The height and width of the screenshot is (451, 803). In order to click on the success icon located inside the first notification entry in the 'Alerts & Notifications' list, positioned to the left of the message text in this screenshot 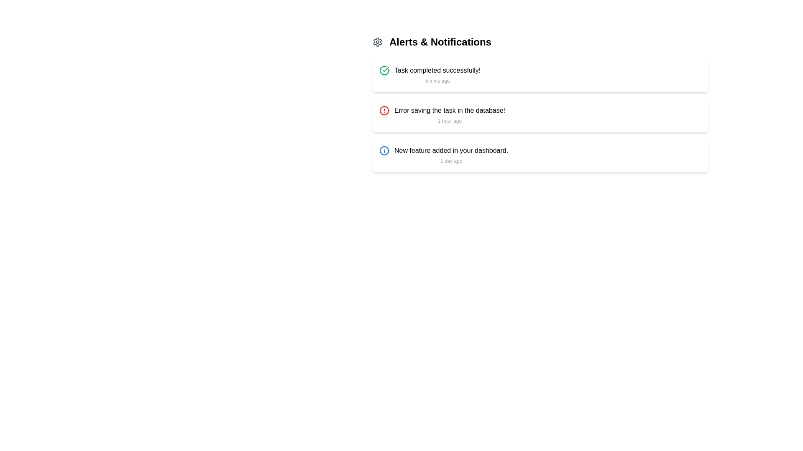, I will do `click(384, 70)`.